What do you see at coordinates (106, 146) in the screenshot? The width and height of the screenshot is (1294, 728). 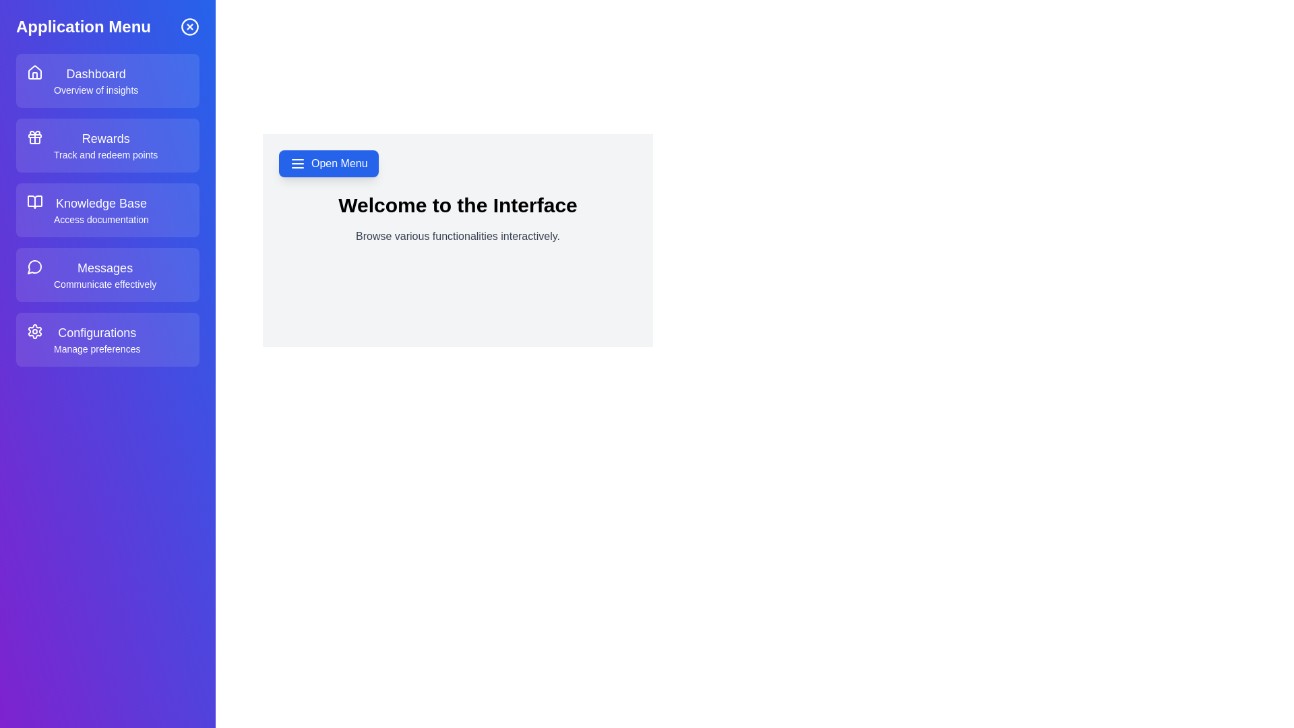 I see `the menu item labeled Rewards` at bounding box center [106, 146].